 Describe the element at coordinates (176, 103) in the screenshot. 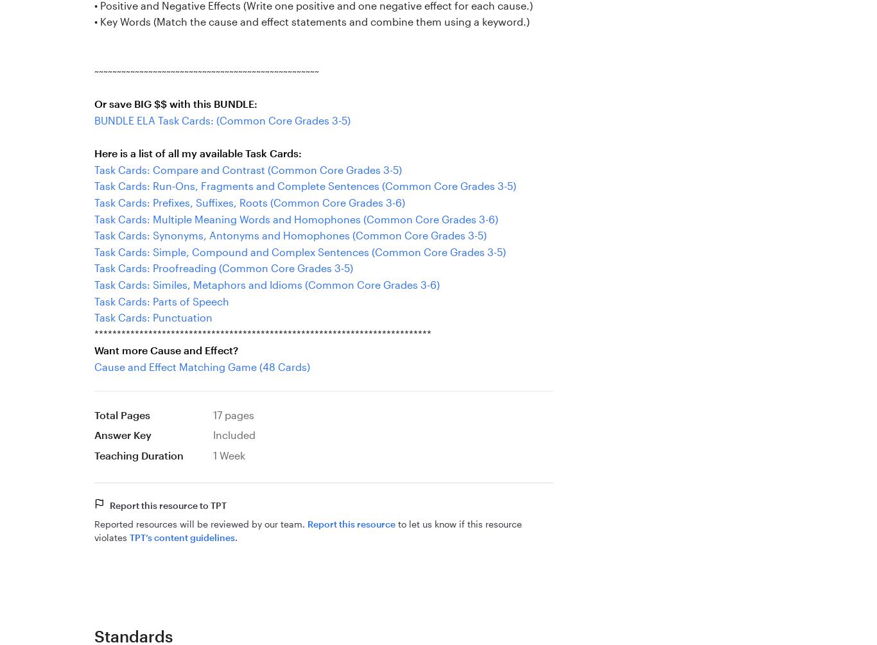

I see `'Or save BIG $$ with this BUNDLE:'` at that location.